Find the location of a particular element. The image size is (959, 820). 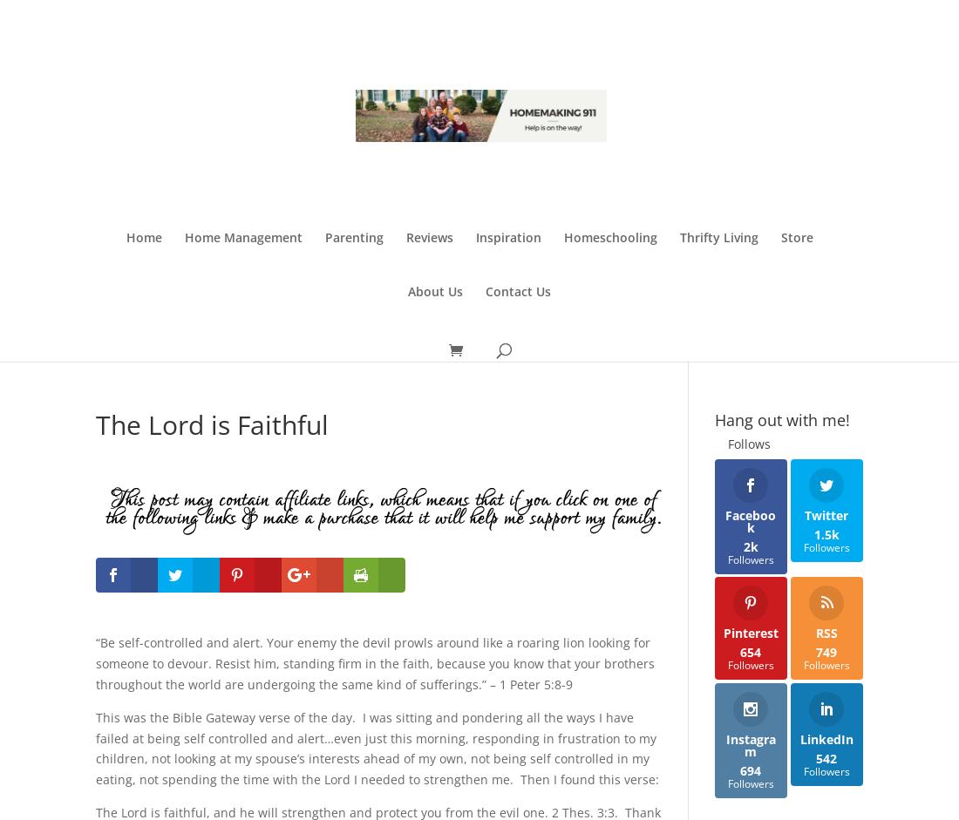

'2k' is located at coordinates (749, 546).